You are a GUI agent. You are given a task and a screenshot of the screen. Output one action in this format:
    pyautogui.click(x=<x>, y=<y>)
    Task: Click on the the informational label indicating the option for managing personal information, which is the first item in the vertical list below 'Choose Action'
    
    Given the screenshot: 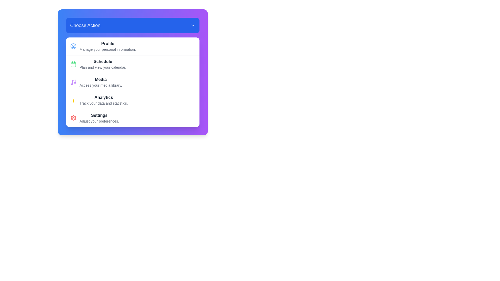 What is the action you would take?
    pyautogui.click(x=107, y=46)
    